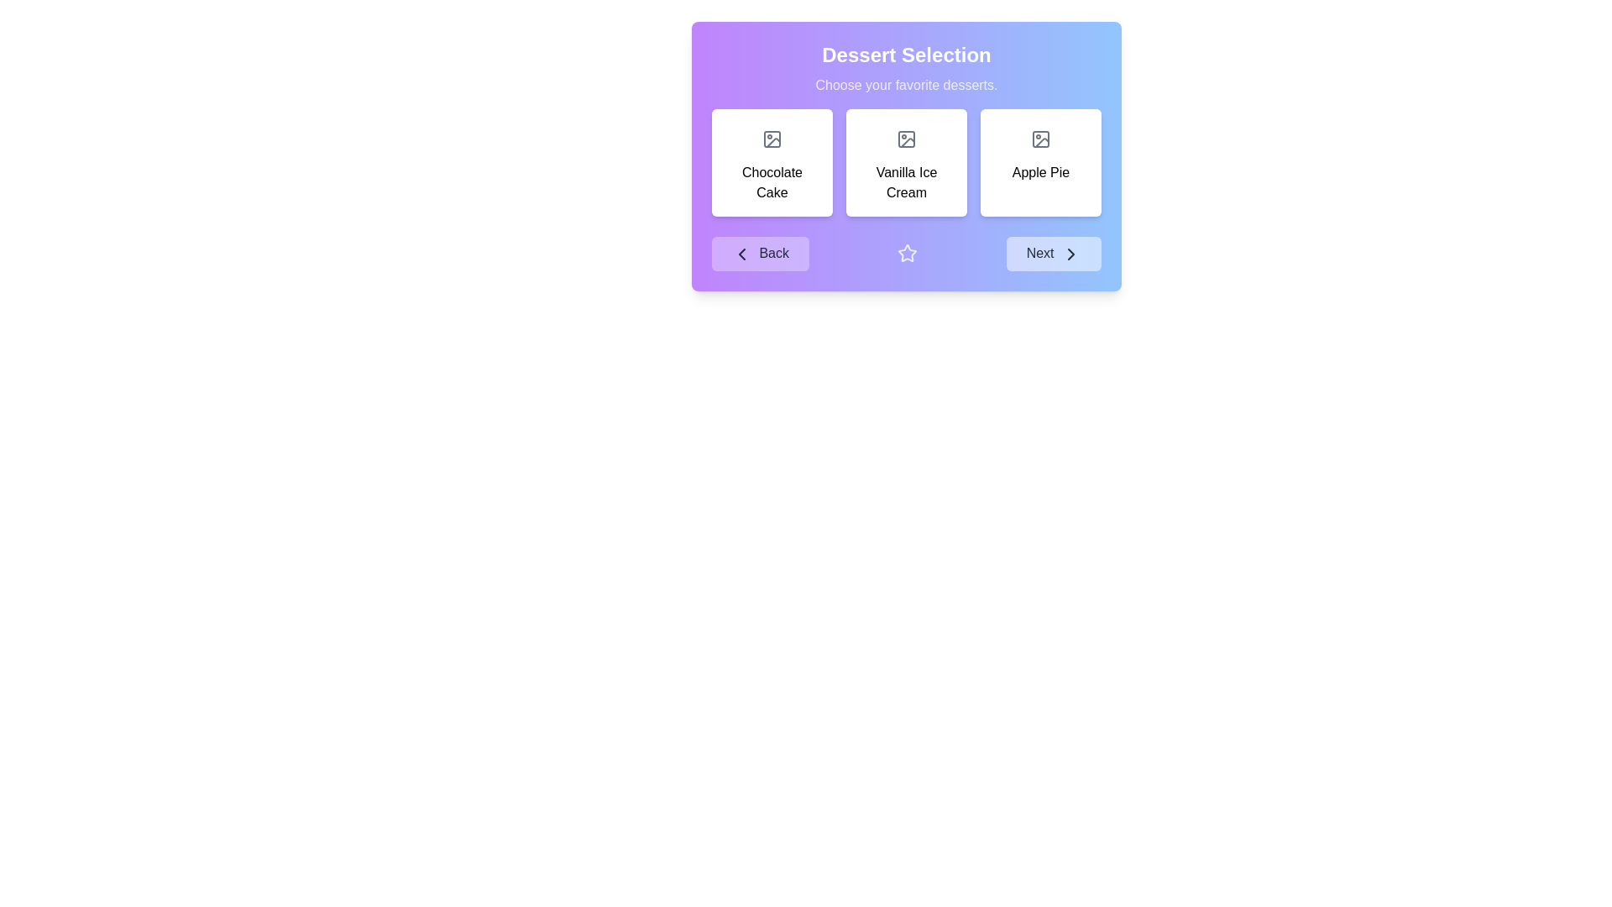 This screenshot has height=907, width=1612. Describe the element at coordinates (772, 183) in the screenshot. I see `the 'Chocolate Cake' text label located in the first card beneath the icon` at that location.